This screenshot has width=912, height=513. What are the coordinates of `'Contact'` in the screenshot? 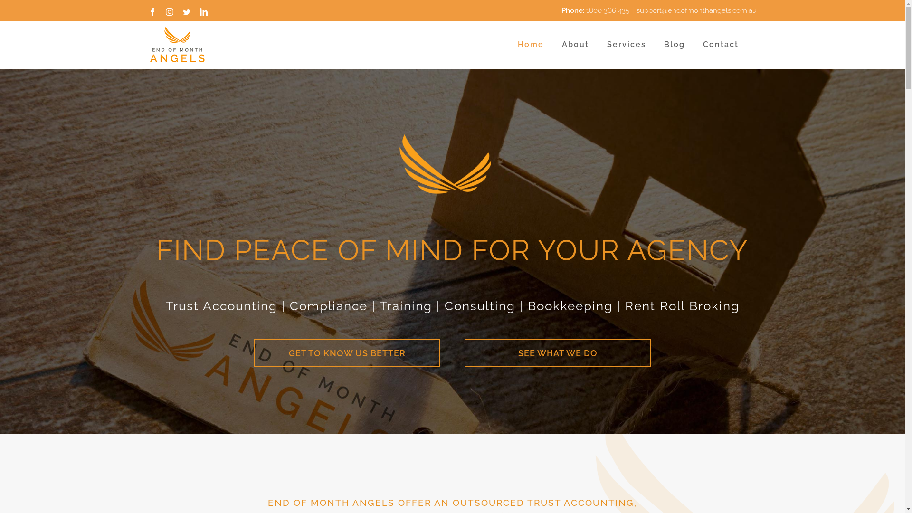 It's located at (703, 44).